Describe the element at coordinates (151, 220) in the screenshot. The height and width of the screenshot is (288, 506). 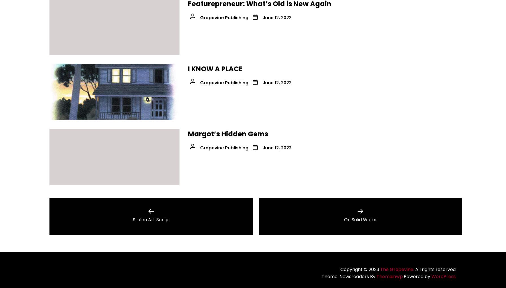
I see `'Stolen Art Songs'` at that location.